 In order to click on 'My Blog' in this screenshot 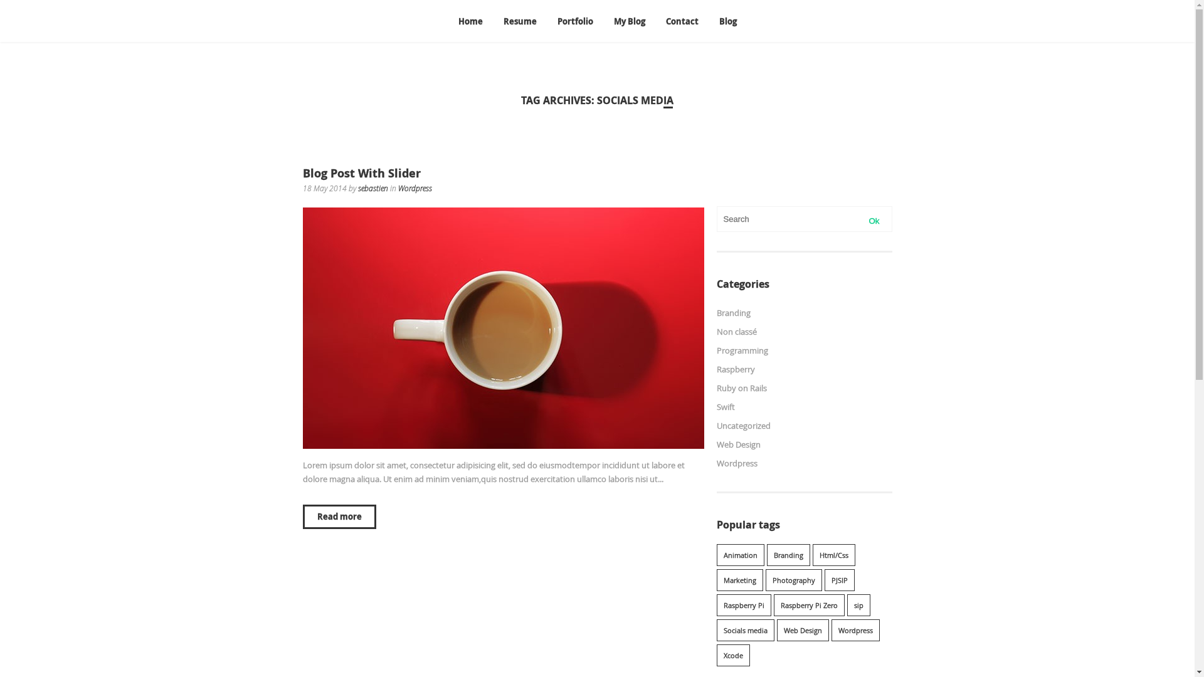, I will do `click(629, 21)`.